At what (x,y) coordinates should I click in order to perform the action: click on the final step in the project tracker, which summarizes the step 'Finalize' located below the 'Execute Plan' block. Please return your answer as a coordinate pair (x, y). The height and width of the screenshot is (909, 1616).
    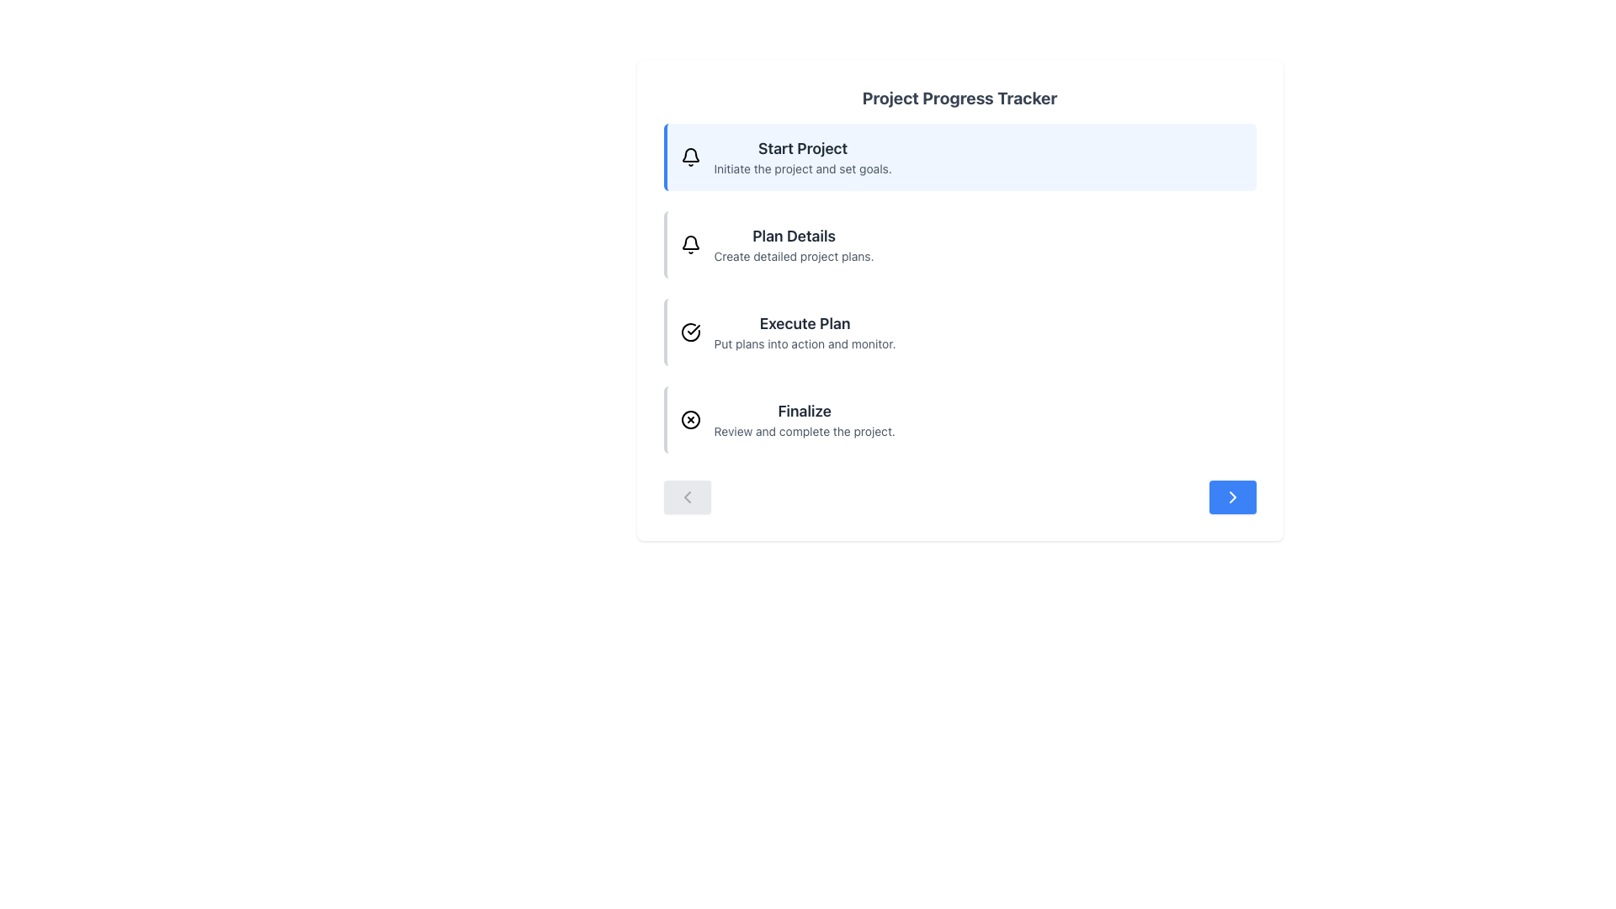
    Looking at the image, I should click on (959, 418).